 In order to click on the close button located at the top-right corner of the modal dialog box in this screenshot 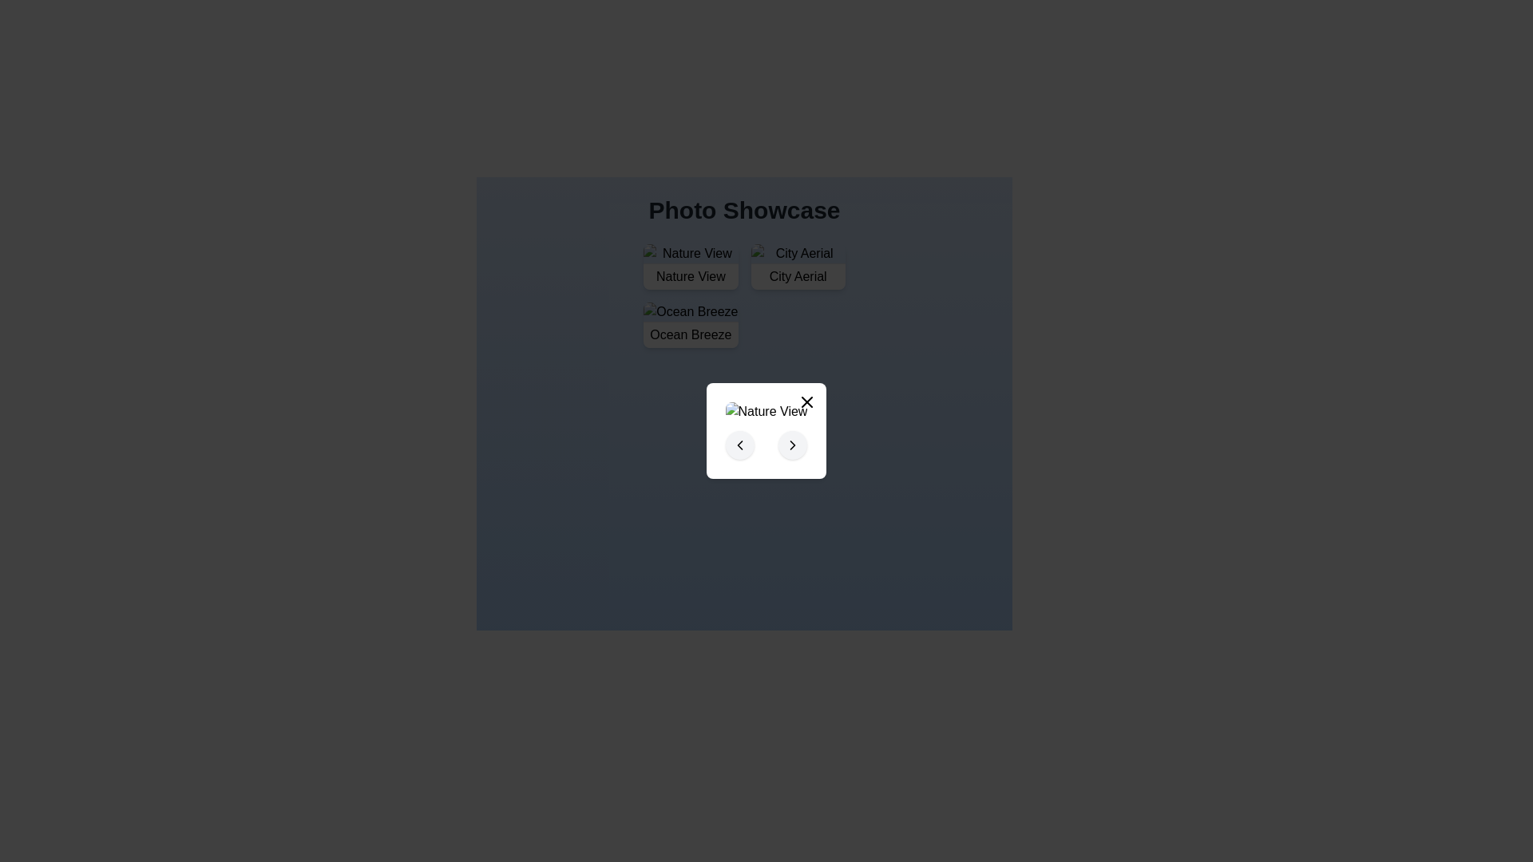, I will do `click(807, 401)`.